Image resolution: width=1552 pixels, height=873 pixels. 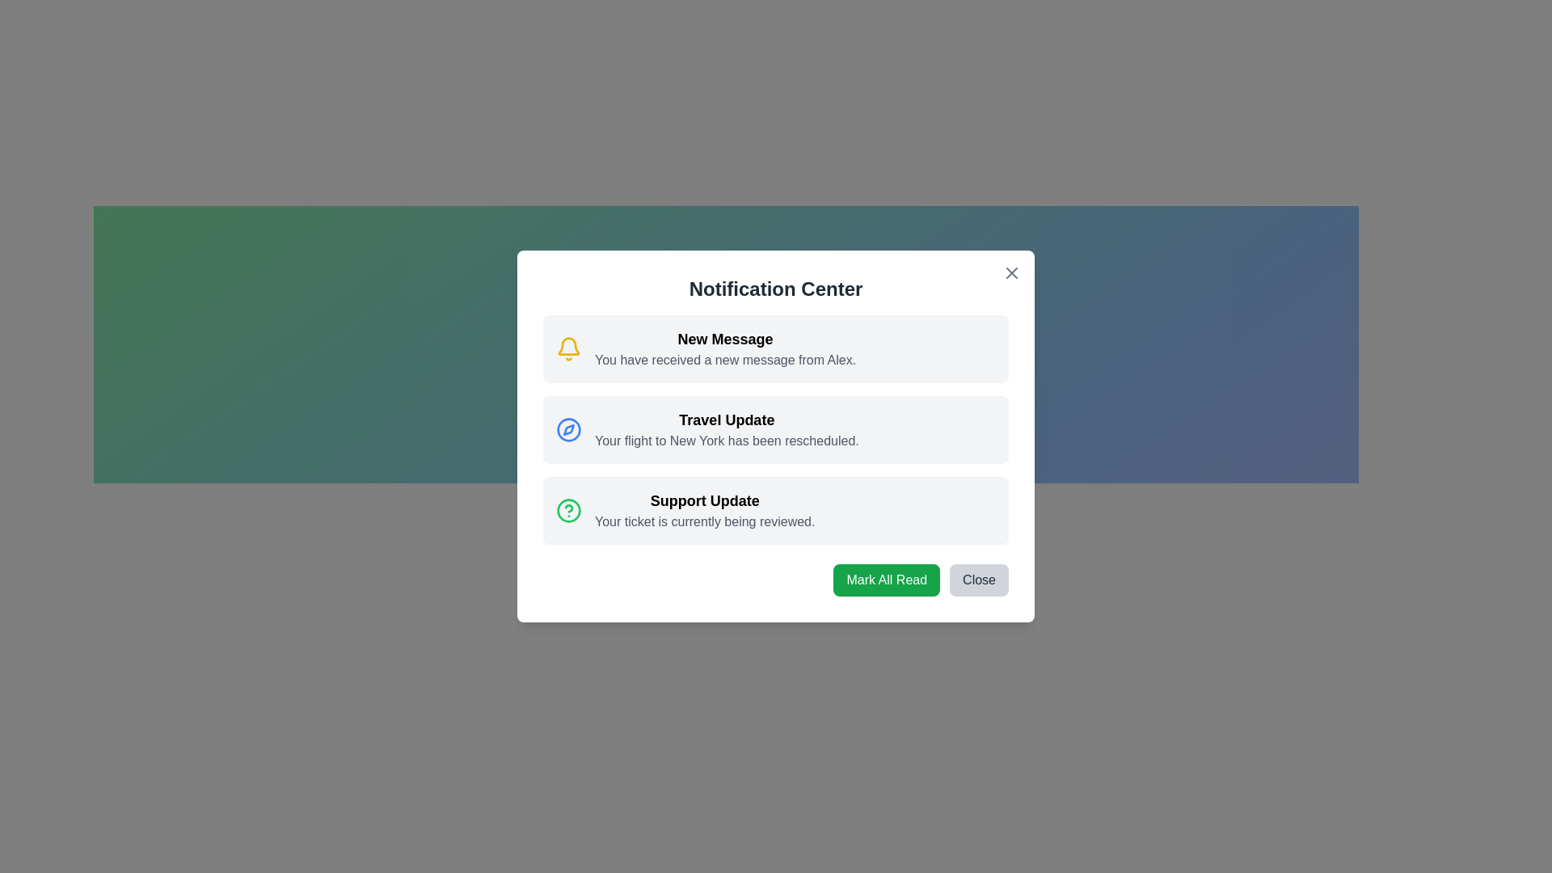 I want to click on the Notification card that notifies the user of a new message, located at the center of the Notification Center panel, so click(x=776, y=348).